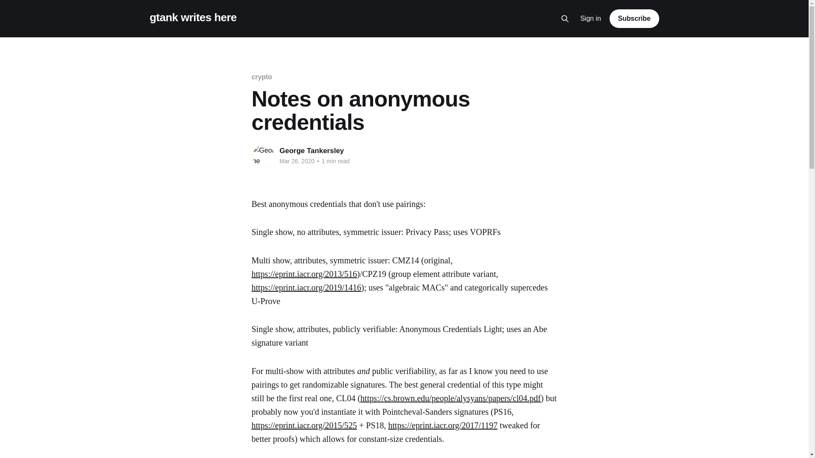  I want to click on 'https://cs.brown.edu/people/alysyans/papers/cl04.pdf', so click(450, 398).